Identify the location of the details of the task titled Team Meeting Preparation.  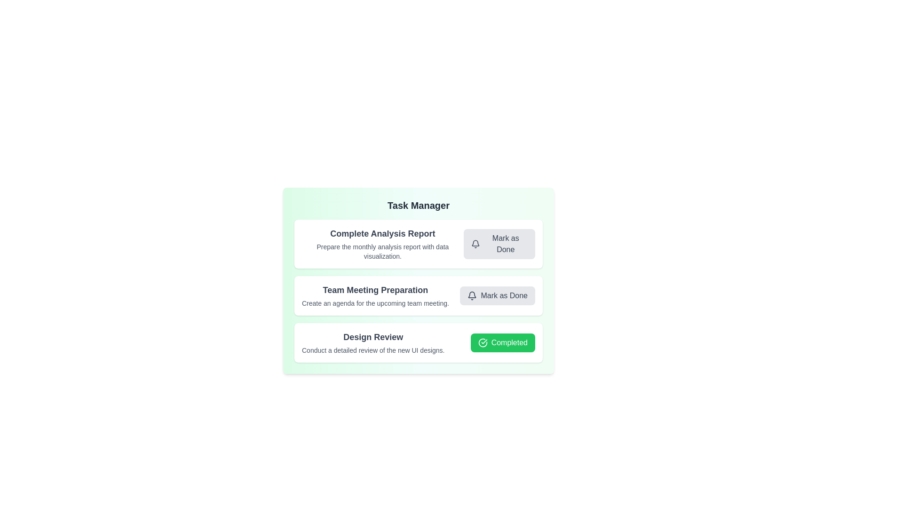
(375, 290).